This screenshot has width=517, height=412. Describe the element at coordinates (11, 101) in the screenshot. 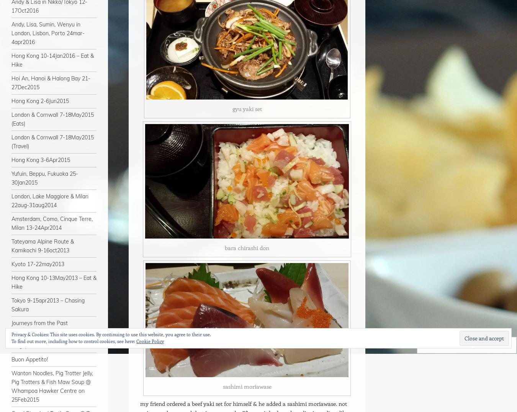

I see `'Hong Kong 2-6Jun2015'` at that location.